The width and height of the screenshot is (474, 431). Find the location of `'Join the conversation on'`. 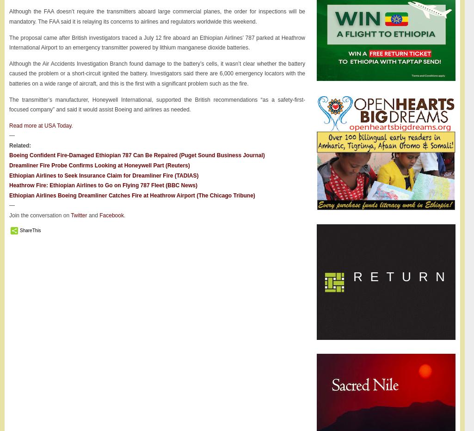

'Join the conversation on' is located at coordinates (9, 215).